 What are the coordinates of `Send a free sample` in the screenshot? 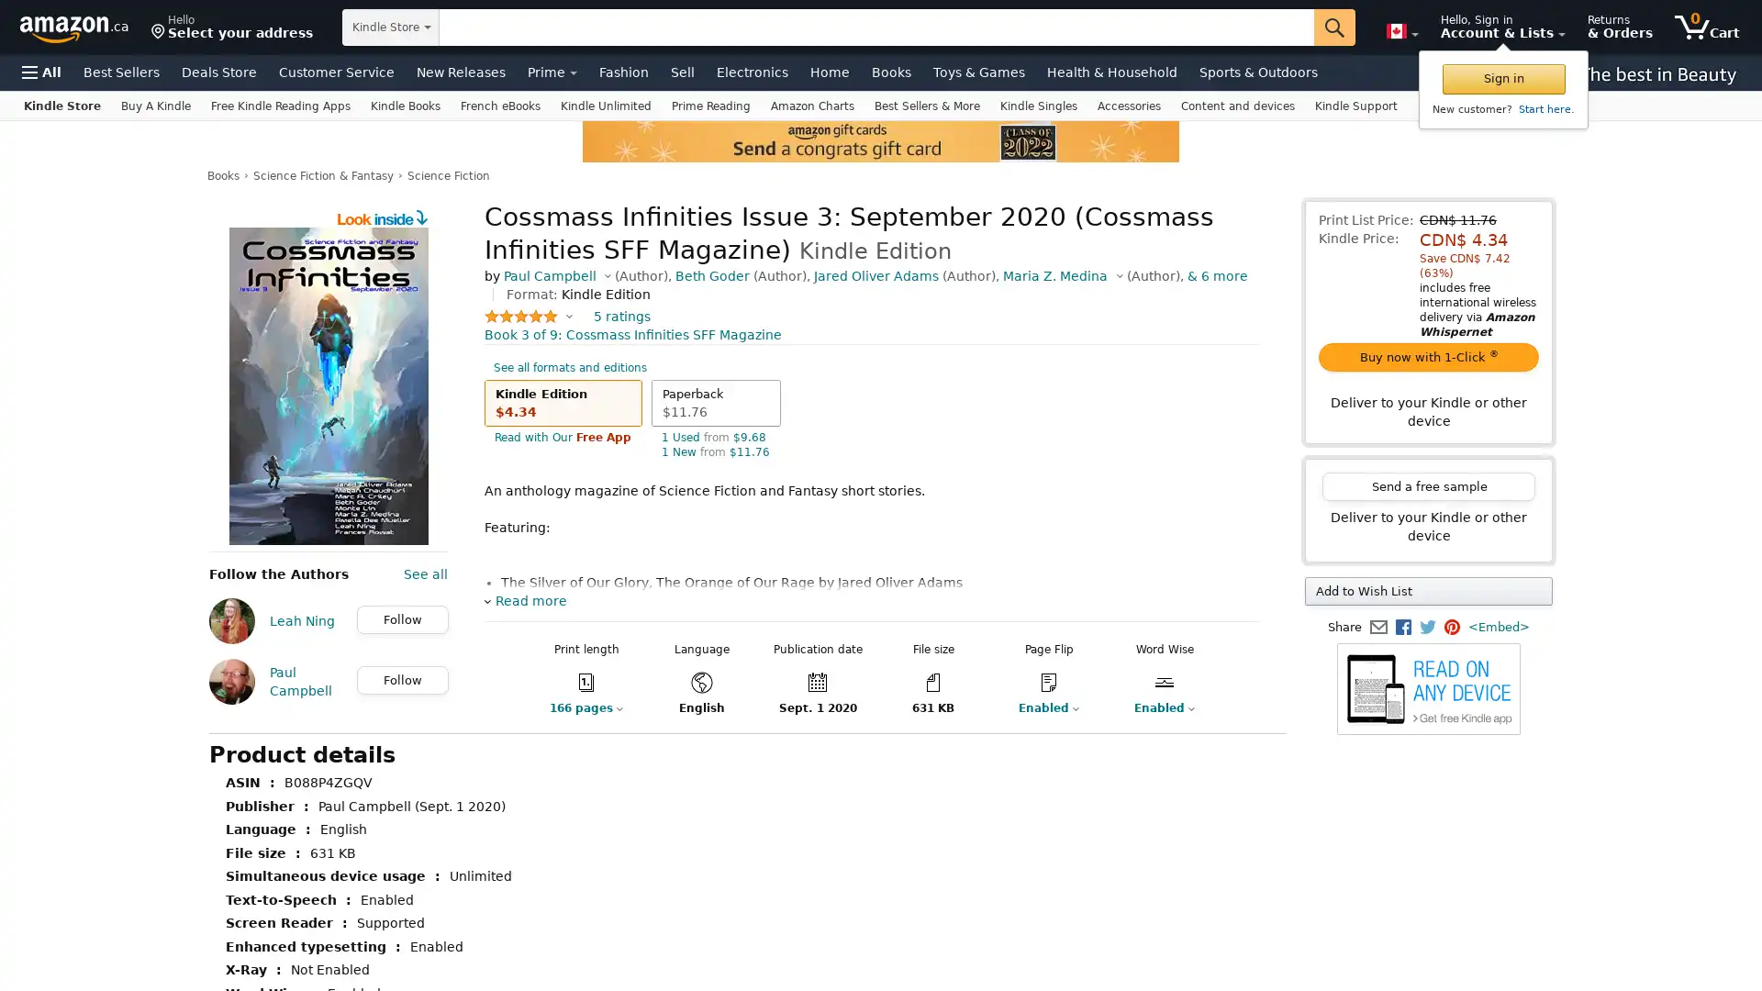 It's located at (1427, 485).